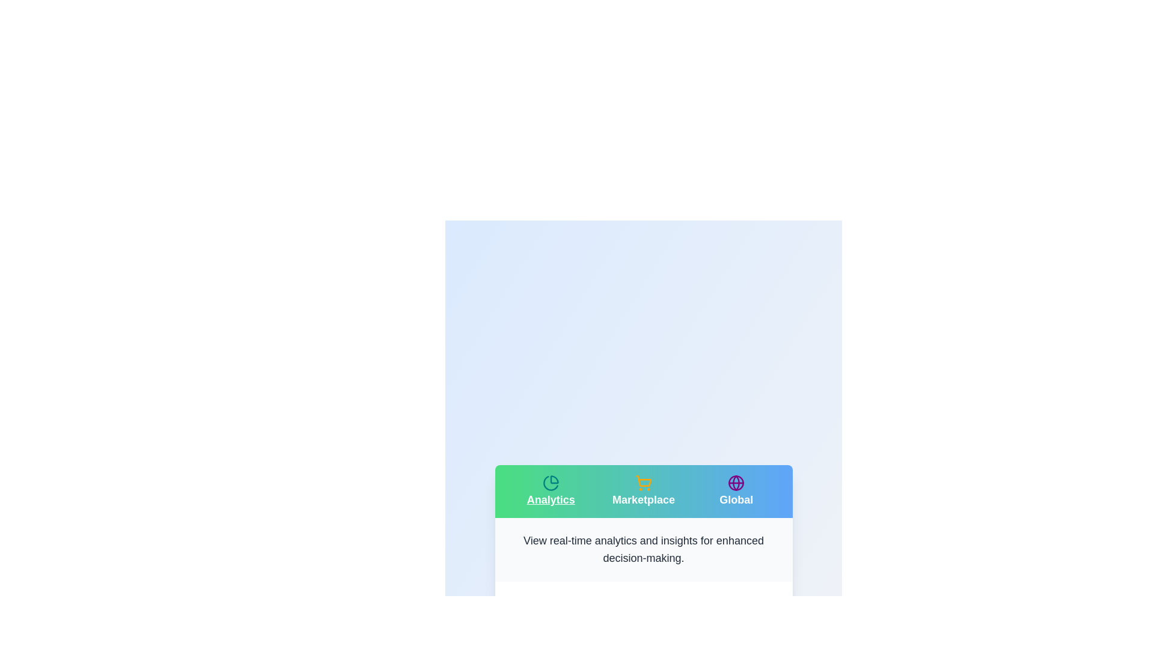  I want to click on the Global tab to navigate to its section, so click(736, 491).